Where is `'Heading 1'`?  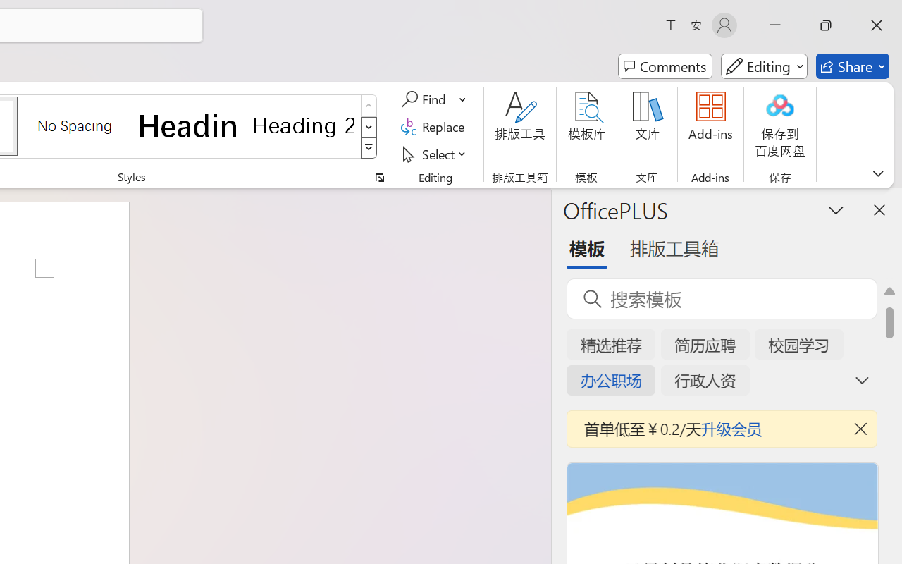
'Heading 1' is located at coordinates (188, 125).